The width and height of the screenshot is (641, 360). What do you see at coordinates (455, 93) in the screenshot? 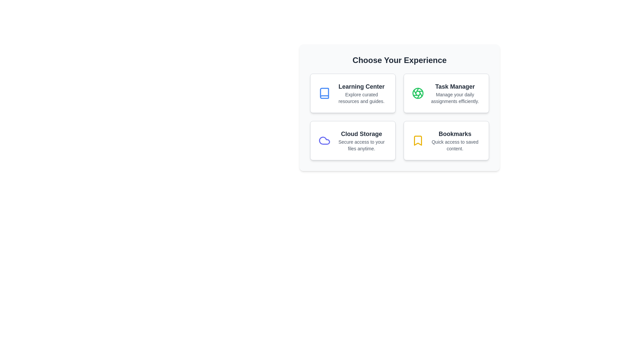
I see `text from the 'Task Manager' label located in the top-right section of the grid of options` at bounding box center [455, 93].